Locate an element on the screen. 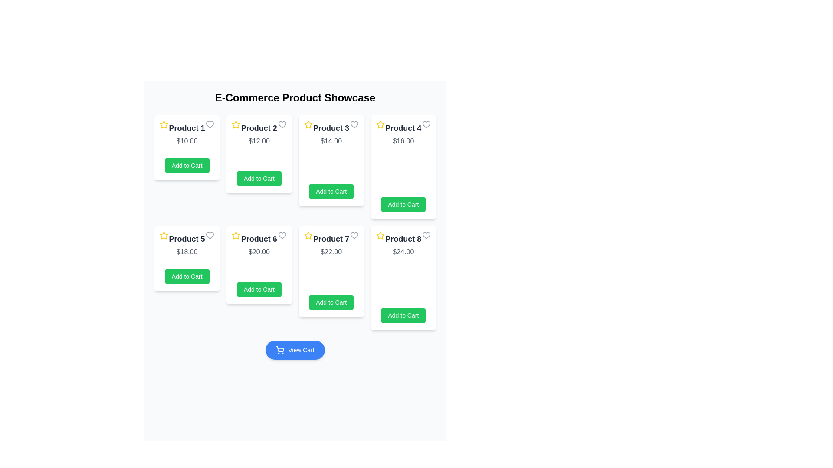 The height and width of the screenshot is (468, 833). the 'Add to Cart' button, which is a green rectangular button with white text located at the bottom of the card for 'Product 3' is located at coordinates (331, 191).